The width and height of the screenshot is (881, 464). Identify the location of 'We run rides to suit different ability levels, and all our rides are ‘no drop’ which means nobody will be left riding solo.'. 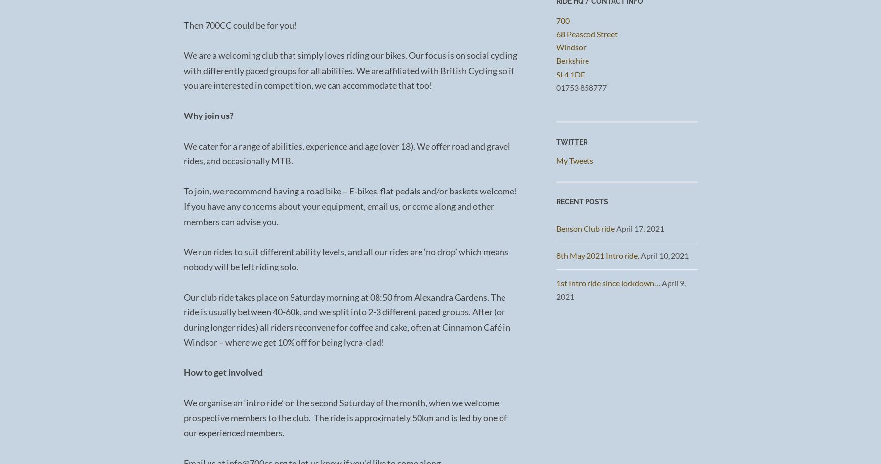
(183, 258).